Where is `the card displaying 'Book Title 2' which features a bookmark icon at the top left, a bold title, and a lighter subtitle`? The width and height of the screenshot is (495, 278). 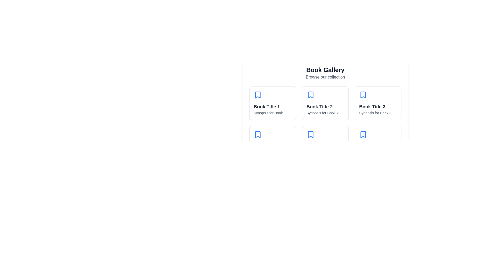
the card displaying 'Book Title 2' which features a bookmark icon at the top left, a bold title, and a lighter subtitle is located at coordinates (325, 103).